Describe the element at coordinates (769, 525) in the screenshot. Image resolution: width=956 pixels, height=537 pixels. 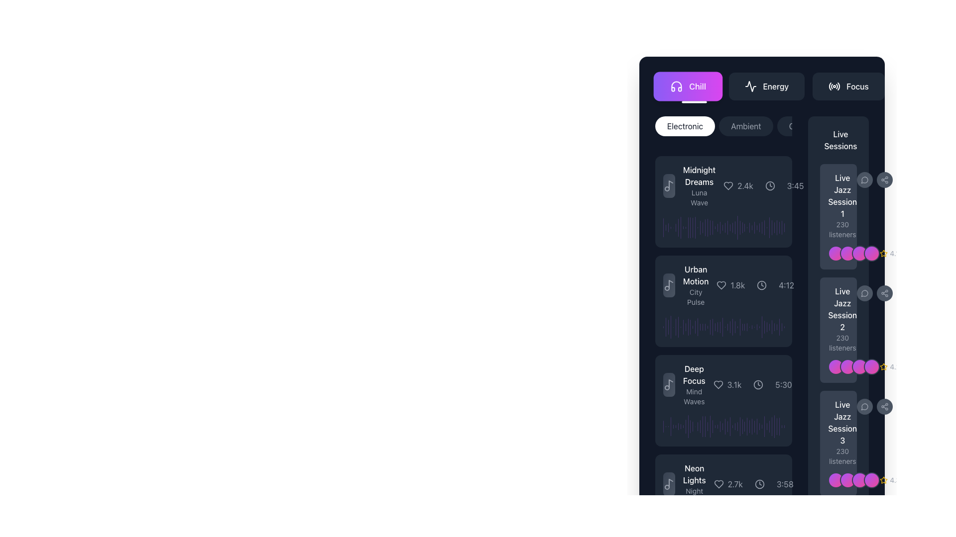
I see `the 56th purple vertical progress bar with rounded ends located on the right side of the interface near 'Live Jazz Session 3'` at that location.